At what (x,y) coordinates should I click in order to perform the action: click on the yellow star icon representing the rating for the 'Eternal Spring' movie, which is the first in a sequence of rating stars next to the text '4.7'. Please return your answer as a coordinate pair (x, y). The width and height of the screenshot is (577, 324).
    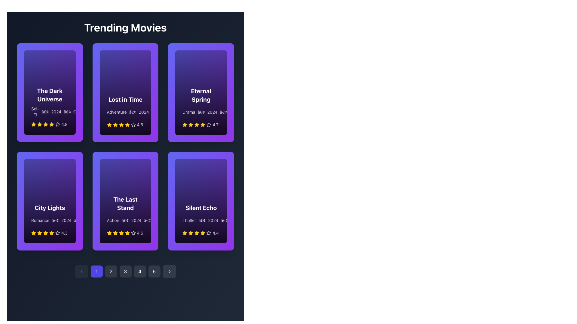
    Looking at the image, I should click on (185, 124).